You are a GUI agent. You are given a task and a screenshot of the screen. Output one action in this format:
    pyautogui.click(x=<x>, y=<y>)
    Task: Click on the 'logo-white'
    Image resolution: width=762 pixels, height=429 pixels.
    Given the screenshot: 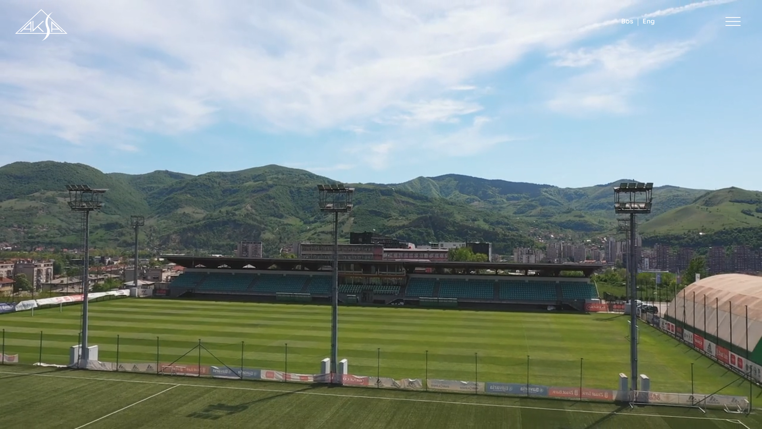 What is the action you would take?
    pyautogui.click(x=40, y=24)
    